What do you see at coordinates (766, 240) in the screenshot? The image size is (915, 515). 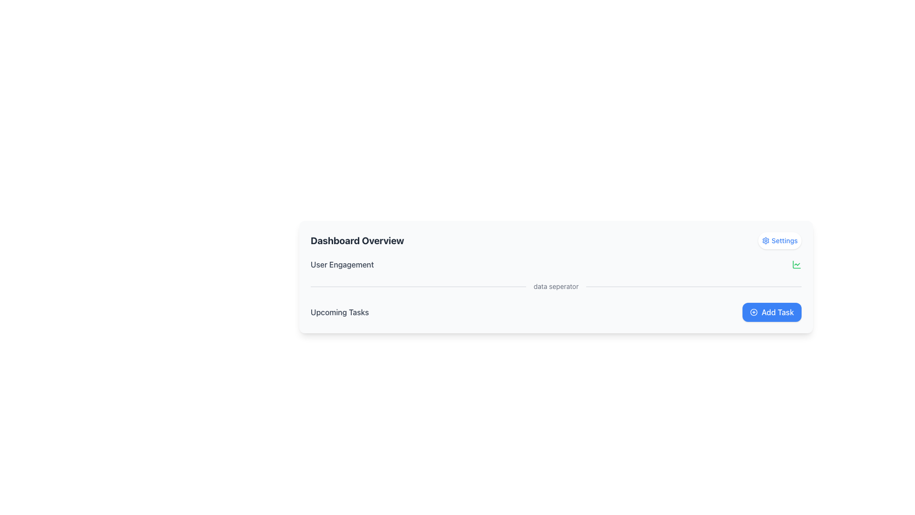 I see `the cogwheel icon located in the top-right corner of the visible card` at bounding box center [766, 240].